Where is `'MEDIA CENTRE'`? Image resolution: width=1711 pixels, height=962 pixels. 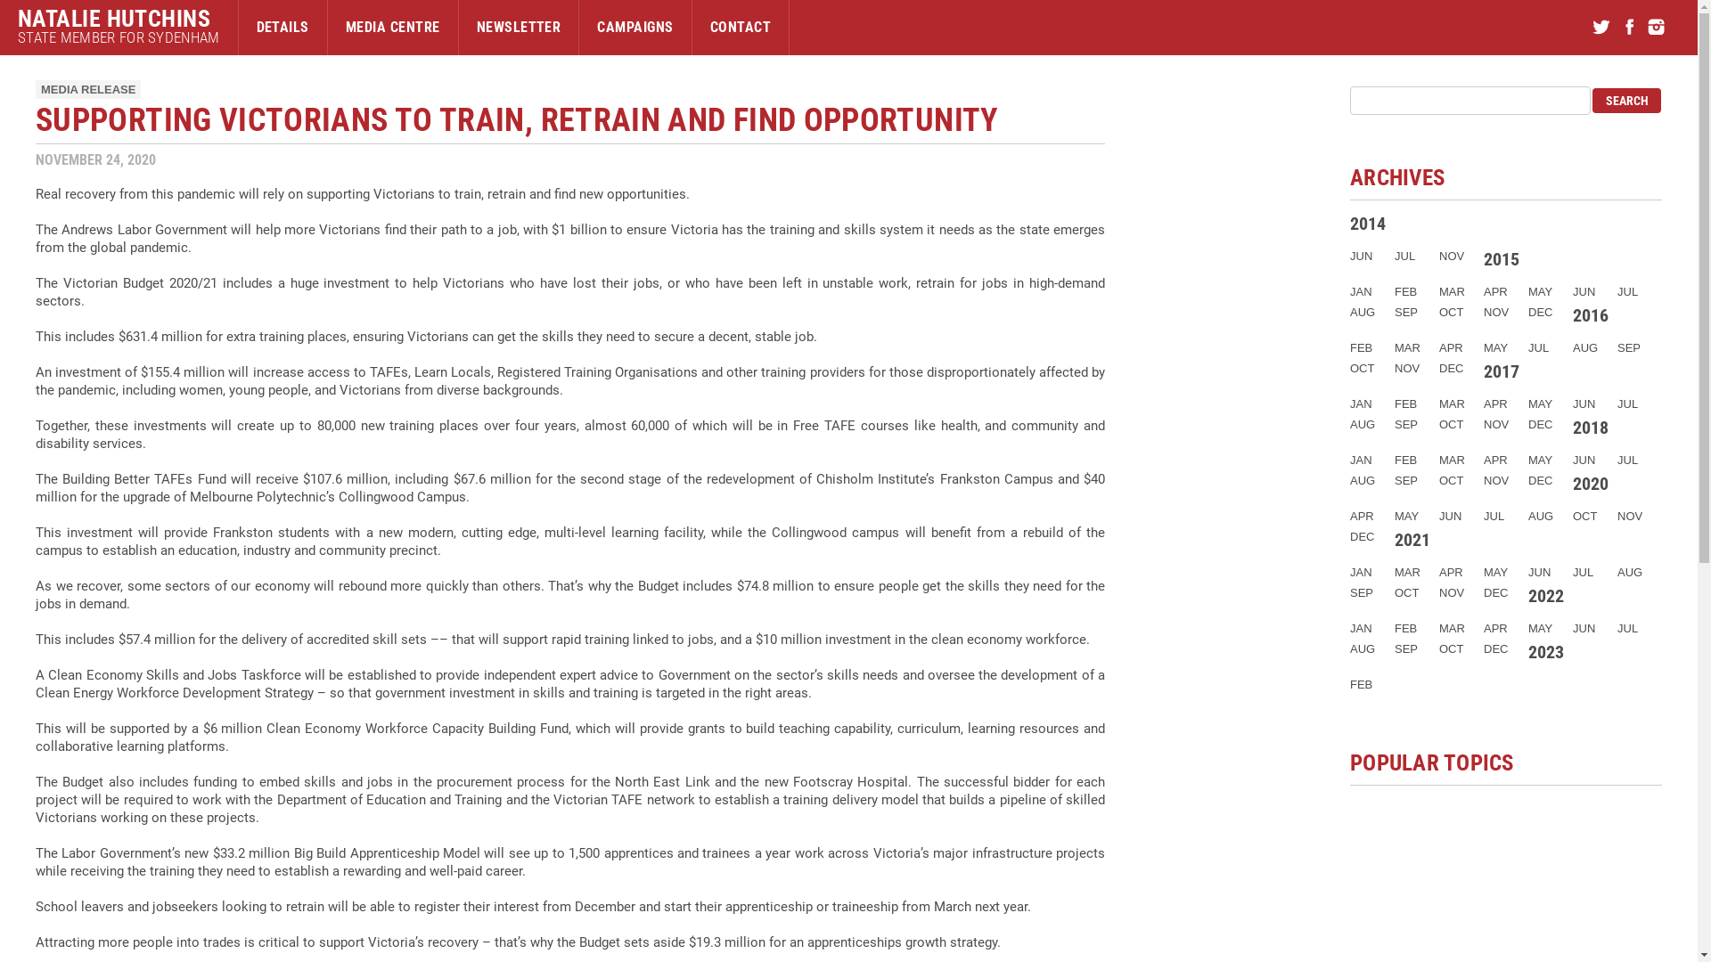
'MEDIA CENTRE' is located at coordinates (328, 27).